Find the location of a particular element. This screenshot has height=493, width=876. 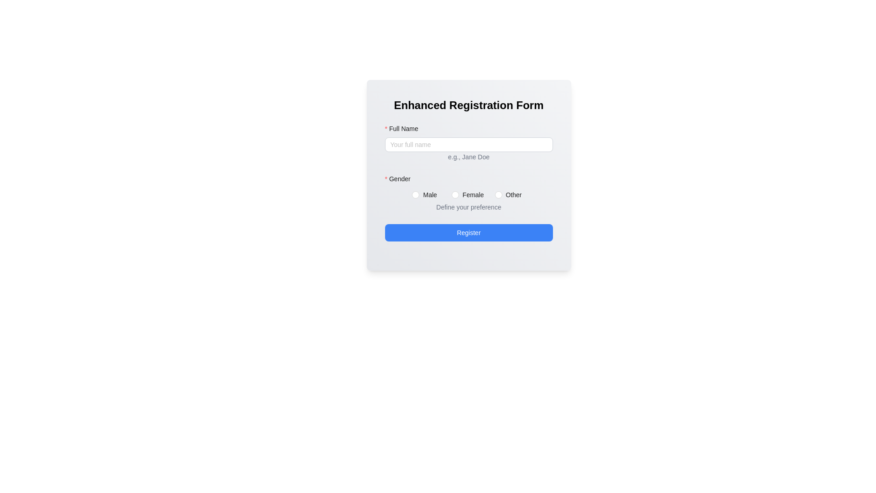

the radio button labeled 'Male', 'Female', or 'Other' in the horizontal group of radio buttons styled in an outline format, located centrally below the 'Full Name' input and above the 'Define your preference' text is located at coordinates (469, 194).